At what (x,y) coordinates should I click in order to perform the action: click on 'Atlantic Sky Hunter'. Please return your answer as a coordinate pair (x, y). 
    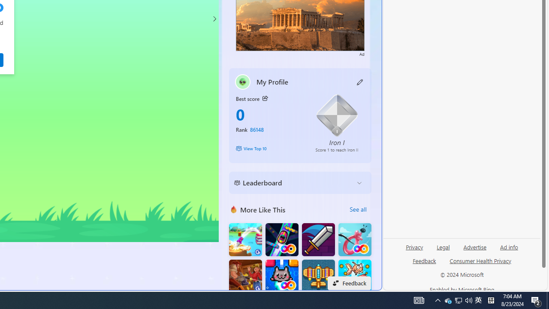
    Looking at the image, I should click on (318, 276).